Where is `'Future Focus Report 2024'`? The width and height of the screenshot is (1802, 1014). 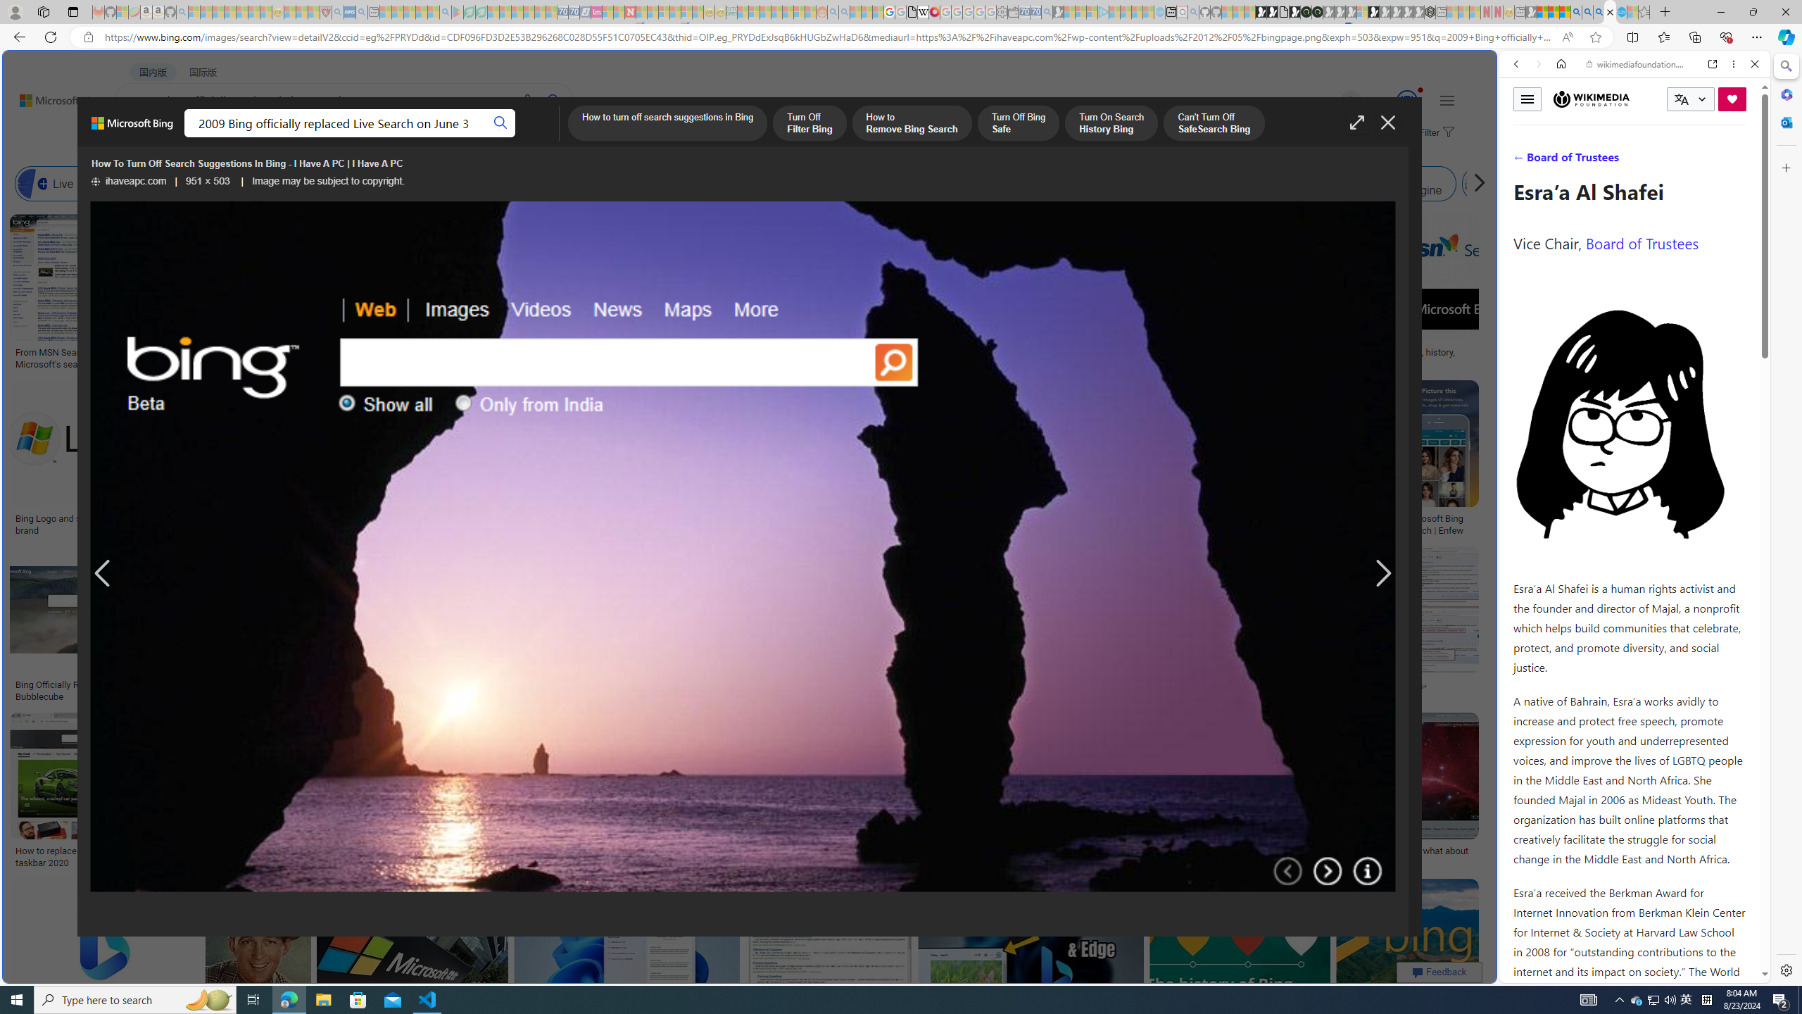
'Future Focus Report 2024' is located at coordinates (1317, 11).